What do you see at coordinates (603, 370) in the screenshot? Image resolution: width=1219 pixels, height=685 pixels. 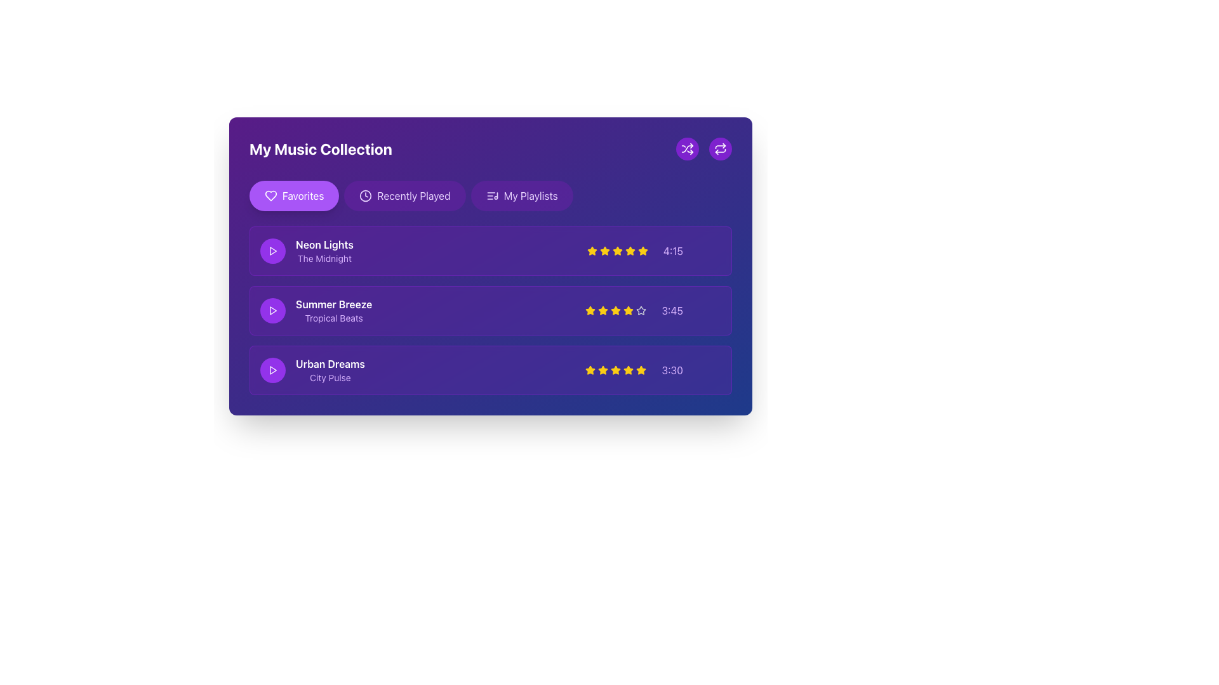 I see `the third star icon in the rating component of the 'Urban Dreams' music entry` at bounding box center [603, 370].